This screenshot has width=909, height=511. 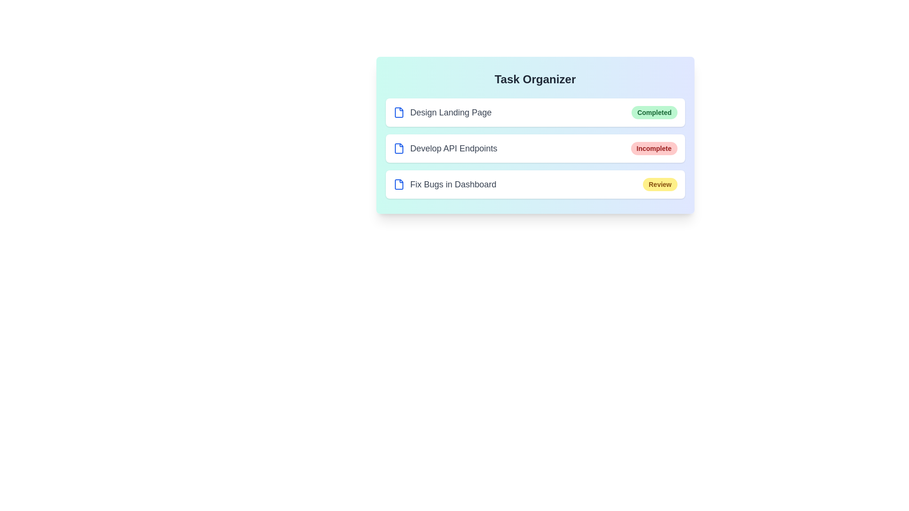 I want to click on the status button of the task named Develop API Endpoints to toggle its completion status, so click(x=653, y=148).